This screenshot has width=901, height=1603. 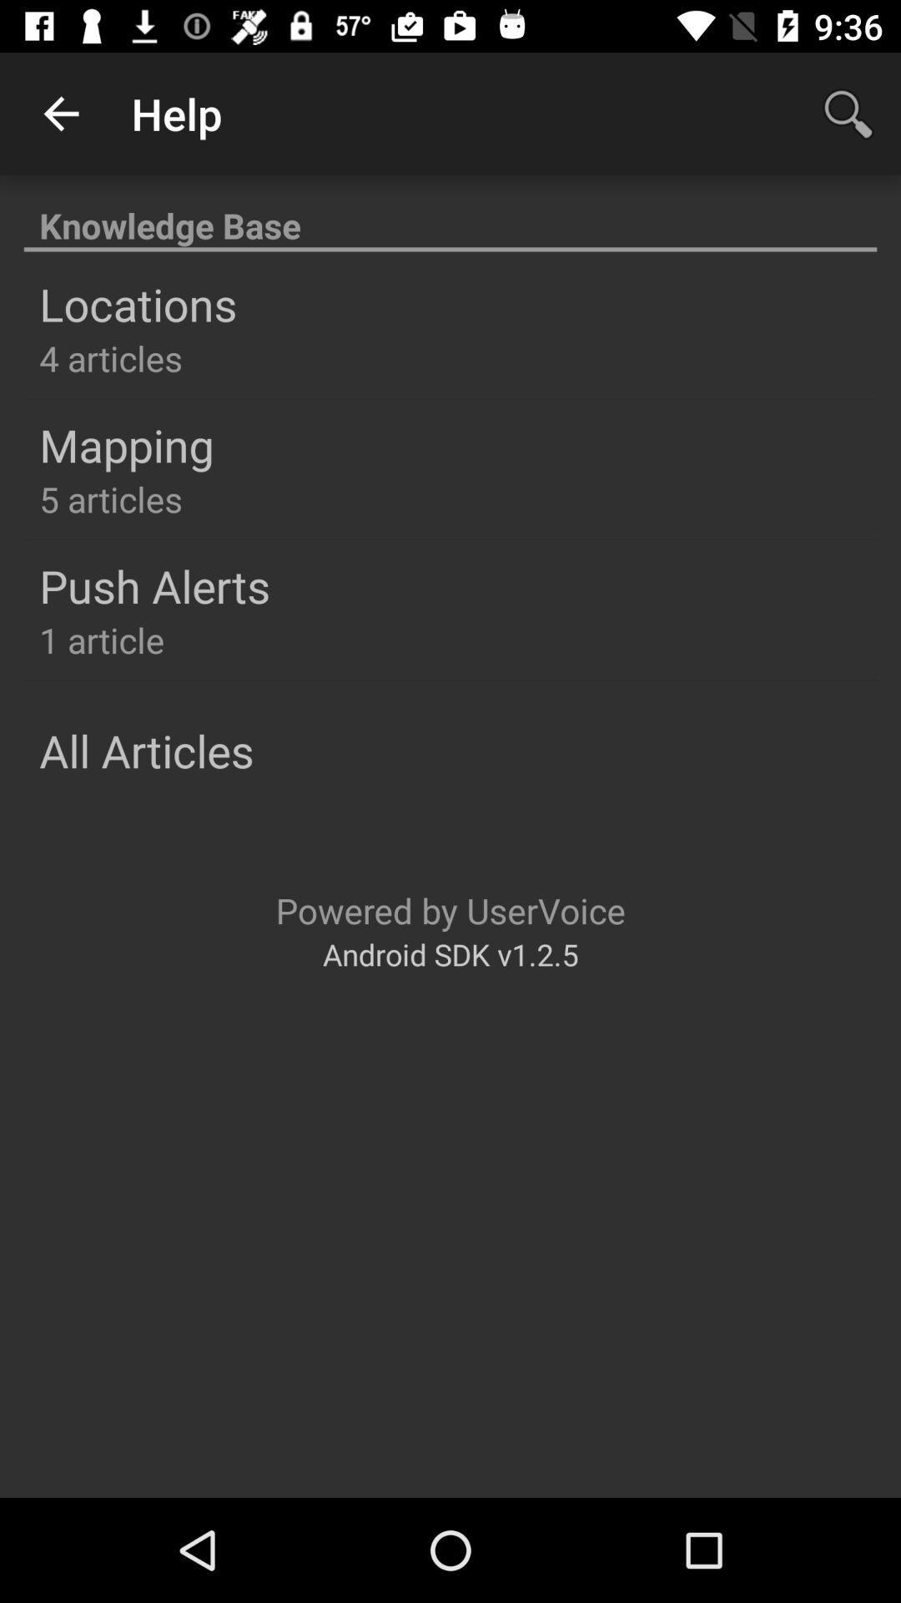 I want to click on the item above 1 article, so click(x=154, y=585).